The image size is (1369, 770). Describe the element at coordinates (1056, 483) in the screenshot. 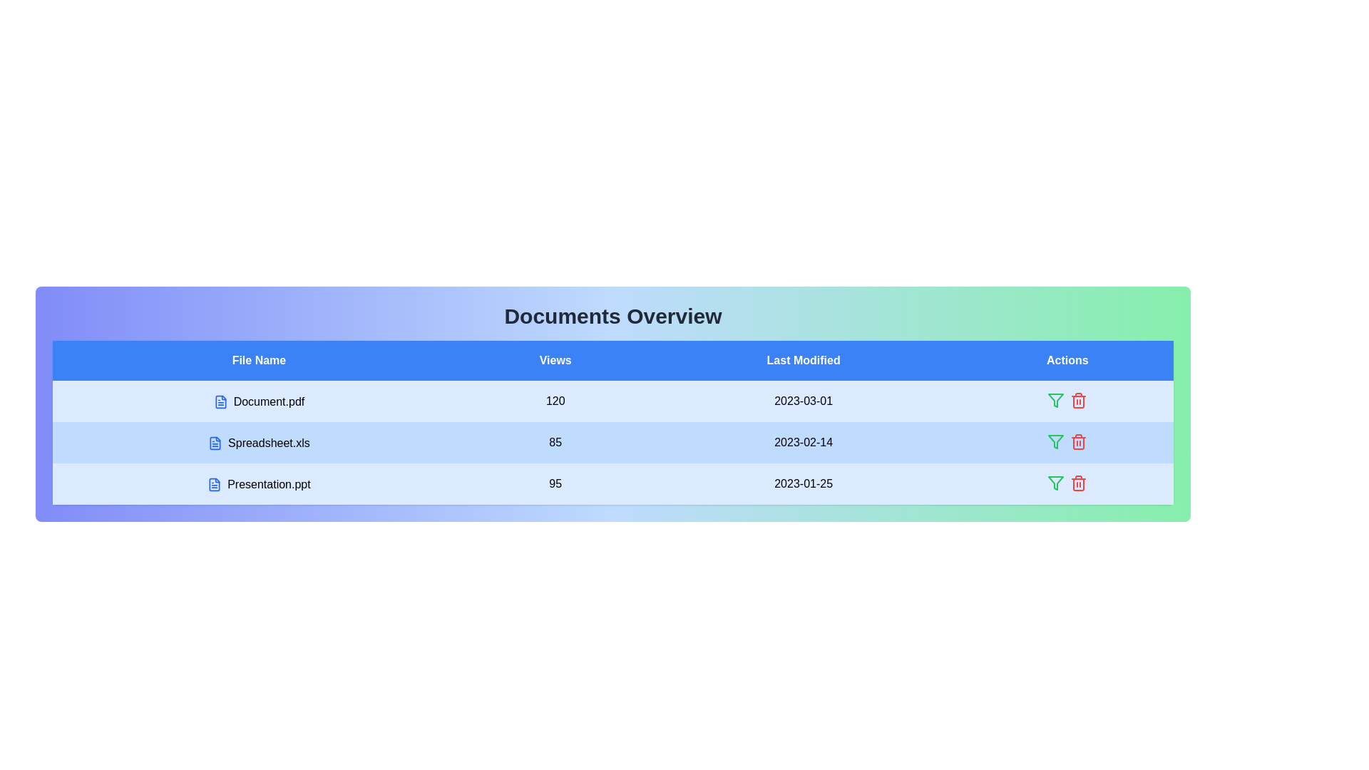

I see `the action icon in the 'Actions' column for the row corresponding to Presentation.ppt` at that location.